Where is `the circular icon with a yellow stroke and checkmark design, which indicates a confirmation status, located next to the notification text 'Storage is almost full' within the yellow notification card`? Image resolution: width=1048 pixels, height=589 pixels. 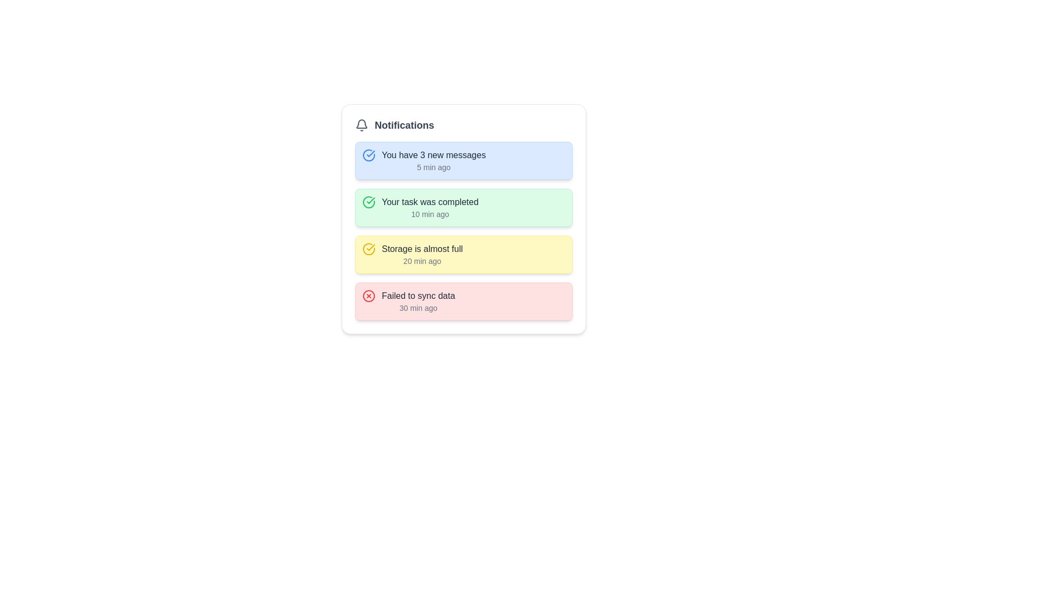 the circular icon with a yellow stroke and checkmark design, which indicates a confirmation status, located next to the notification text 'Storage is almost full' within the yellow notification card is located at coordinates (368, 249).